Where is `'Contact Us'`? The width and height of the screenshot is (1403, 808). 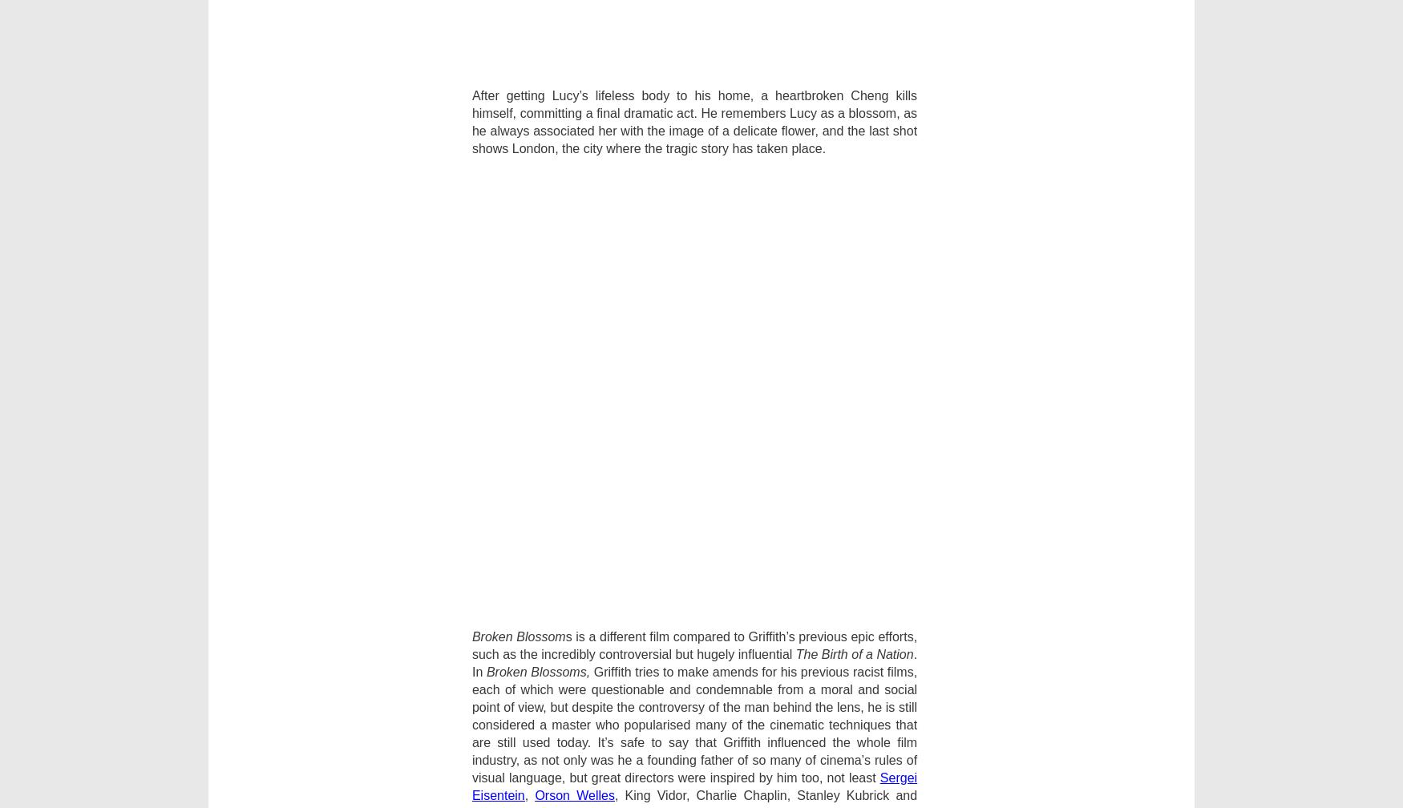 'Contact Us' is located at coordinates (523, 532).